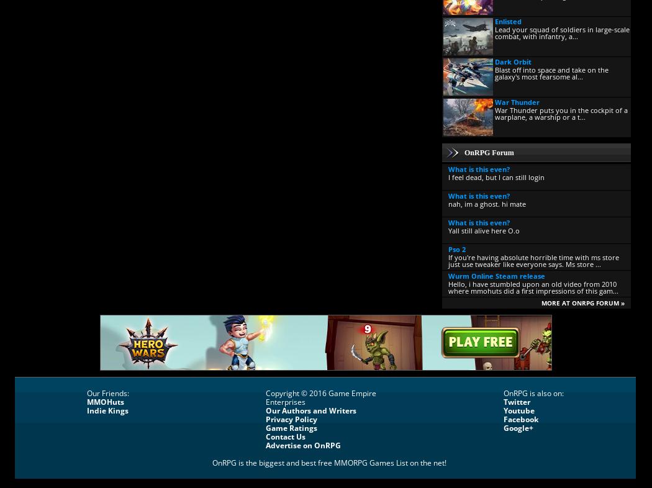  What do you see at coordinates (473, 440) in the screenshot?
I see `'Anarchy Online'` at bounding box center [473, 440].